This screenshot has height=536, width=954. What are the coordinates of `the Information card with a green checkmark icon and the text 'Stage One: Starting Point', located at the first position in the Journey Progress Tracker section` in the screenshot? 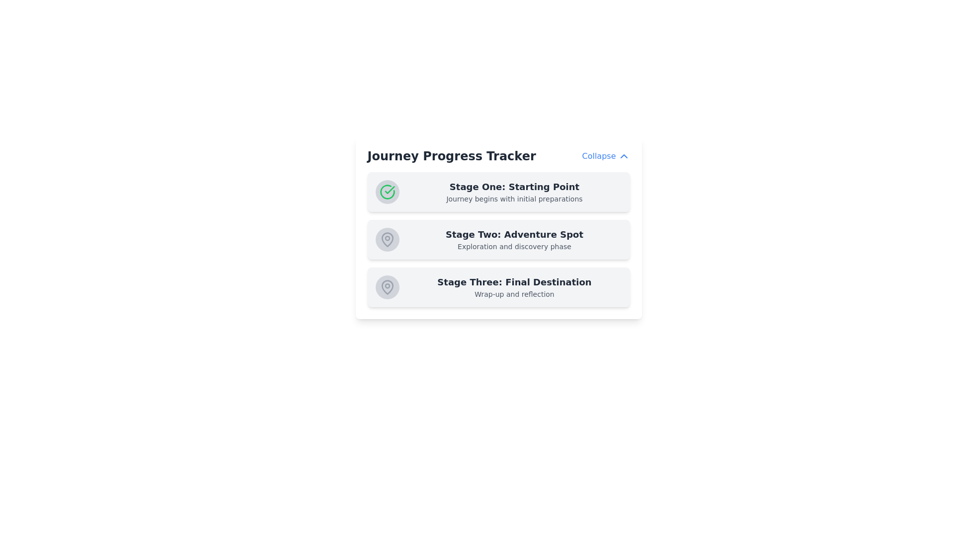 It's located at (498, 192).